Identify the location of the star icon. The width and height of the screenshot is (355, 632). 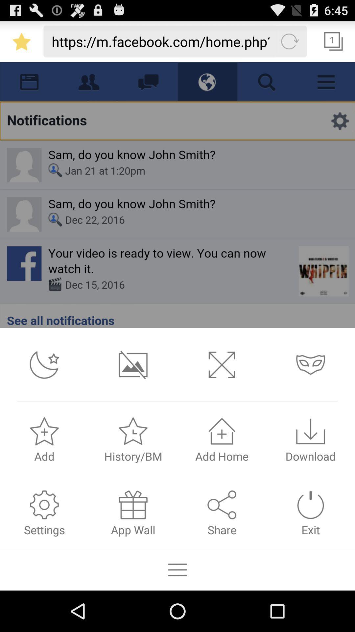
(21, 44).